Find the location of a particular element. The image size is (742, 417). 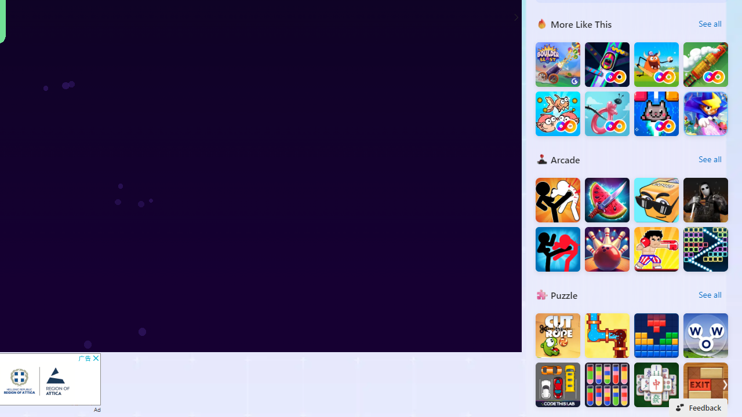

'Balloon FRVR' is located at coordinates (606, 114).